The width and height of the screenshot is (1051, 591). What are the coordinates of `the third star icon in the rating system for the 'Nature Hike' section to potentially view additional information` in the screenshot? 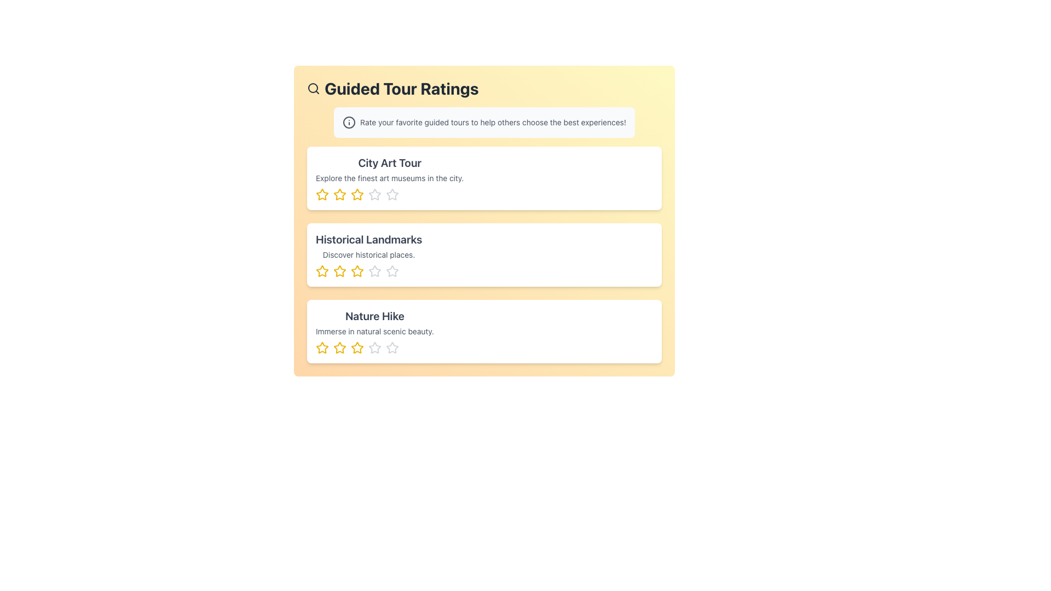 It's located at (357, 348).